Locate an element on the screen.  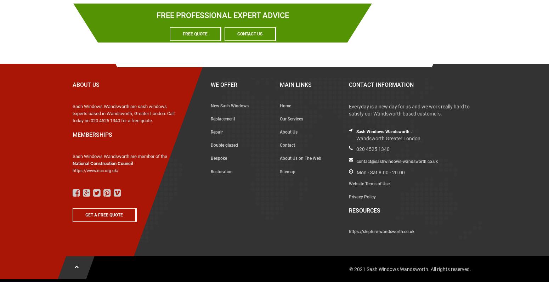
'https://www.ncc.org.uk/' is located at coordinates (96, 170).